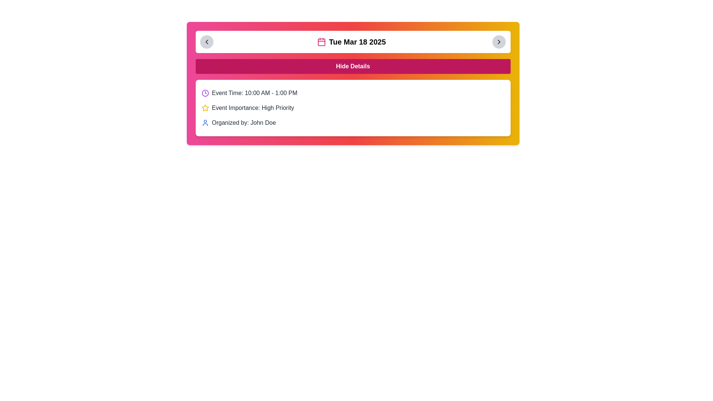 The image size is (713, 401). What do you see at coordinates (205, 92) in the screenshot?
I see `the purple clock icon located in the 'Event Time: 10:00 AM - 1:00 PM' section, which is the leftmost icon preceding the text` at bounding box center [205, 92].